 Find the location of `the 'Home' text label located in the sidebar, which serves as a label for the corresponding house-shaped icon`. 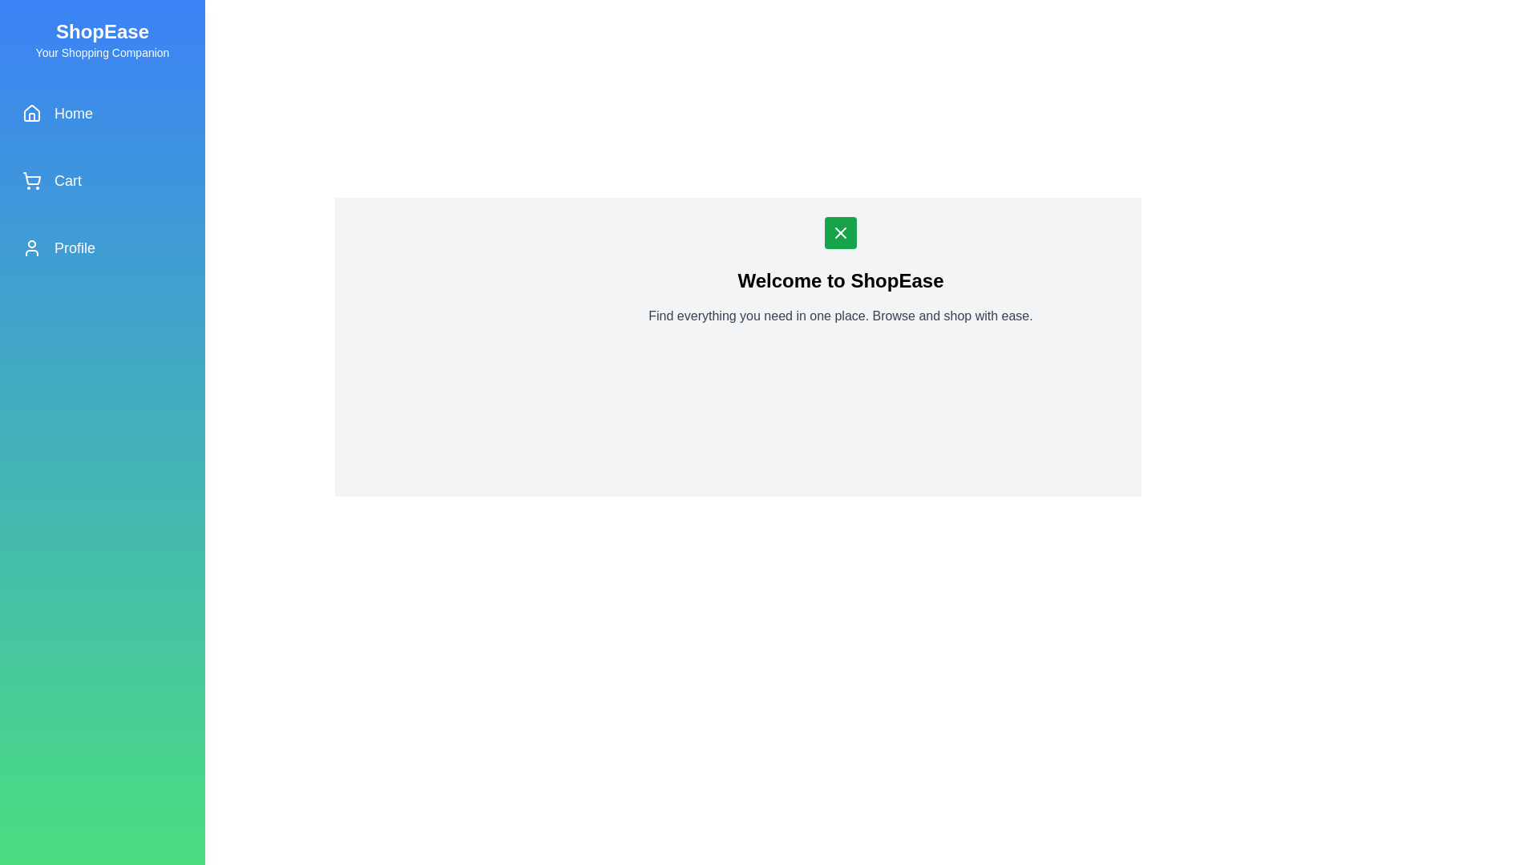

the 'Home' text label located in the sidebar, which serves as a label for the corresponding house-shaped icon is located at coordinates (72, 113).